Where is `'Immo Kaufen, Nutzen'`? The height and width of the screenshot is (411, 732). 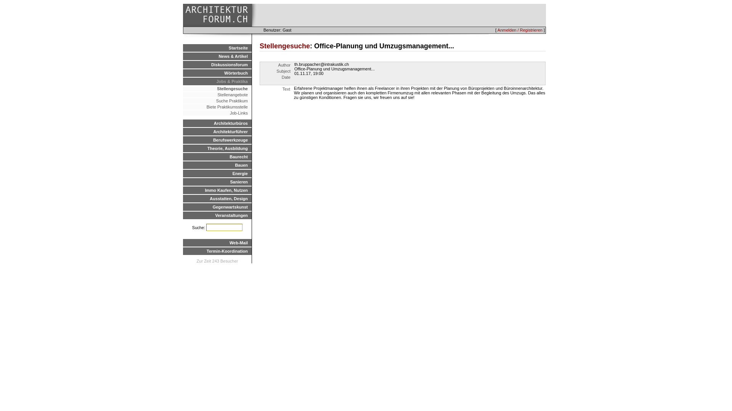
'Immo Kaufen, Nutzen' is located at coordinates (217, 190).